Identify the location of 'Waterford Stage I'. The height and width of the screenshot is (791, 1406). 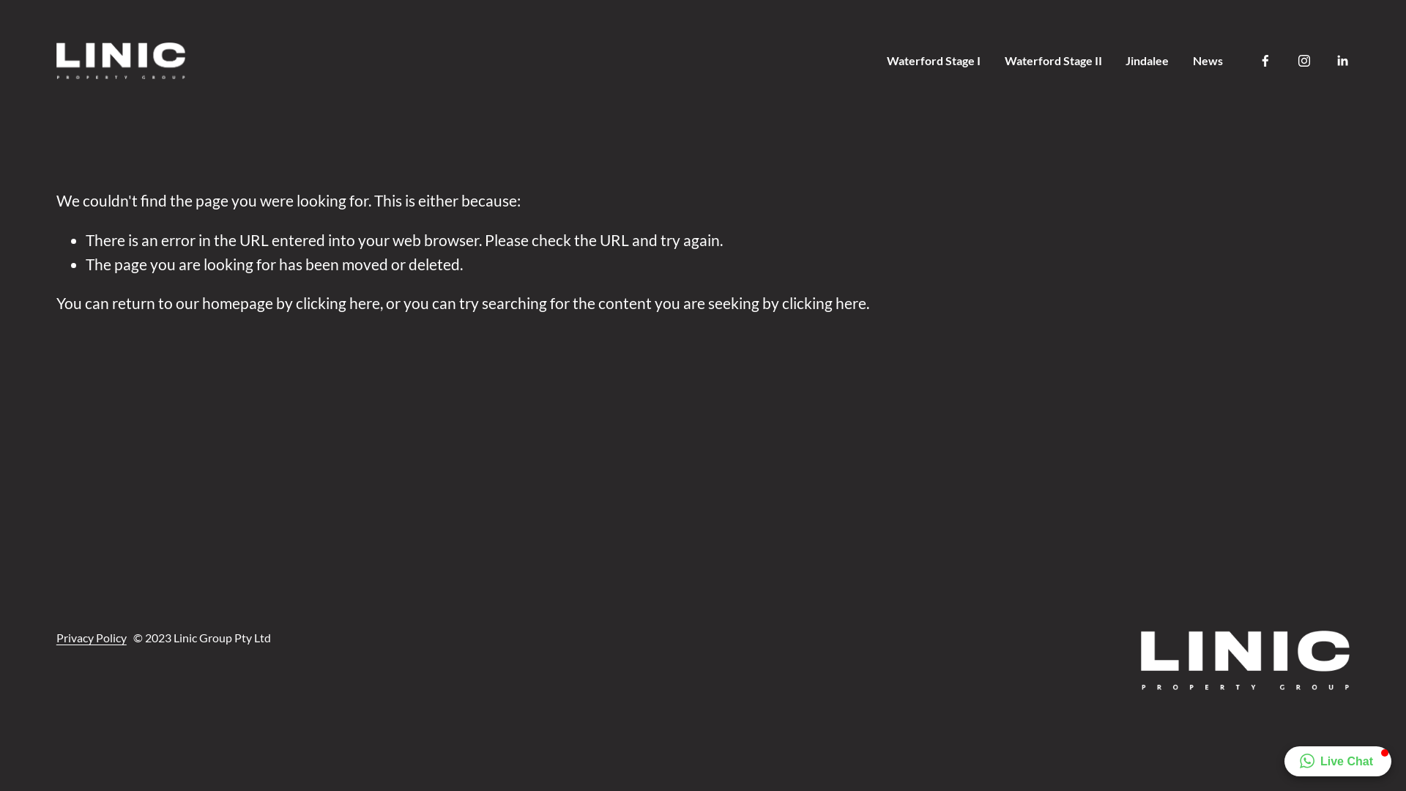
(933, 59).